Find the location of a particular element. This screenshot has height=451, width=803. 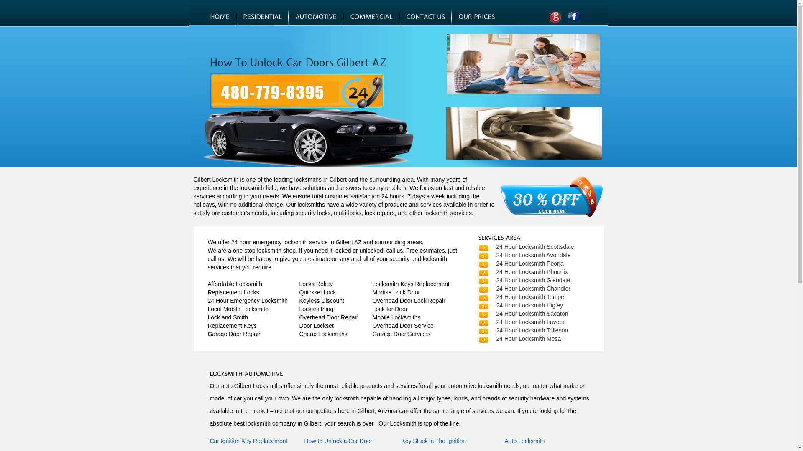

'Garage Door Services' is located at coordinates (401, 333).